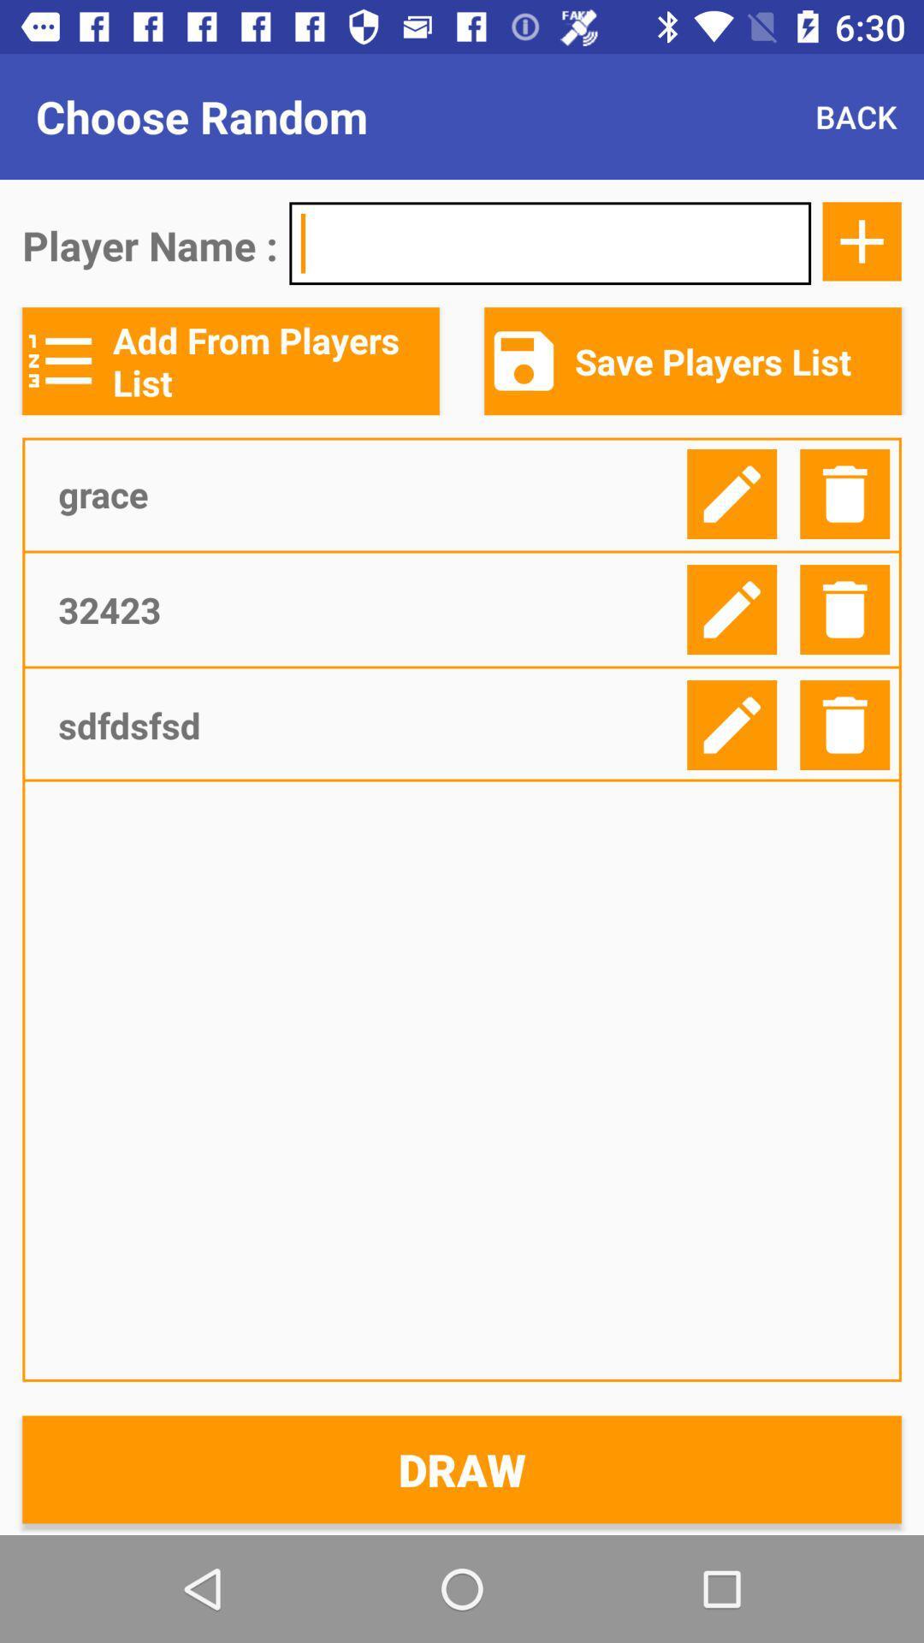 This screenshot has height=1643, width=924. I want to click on edit, so click(731, 609).